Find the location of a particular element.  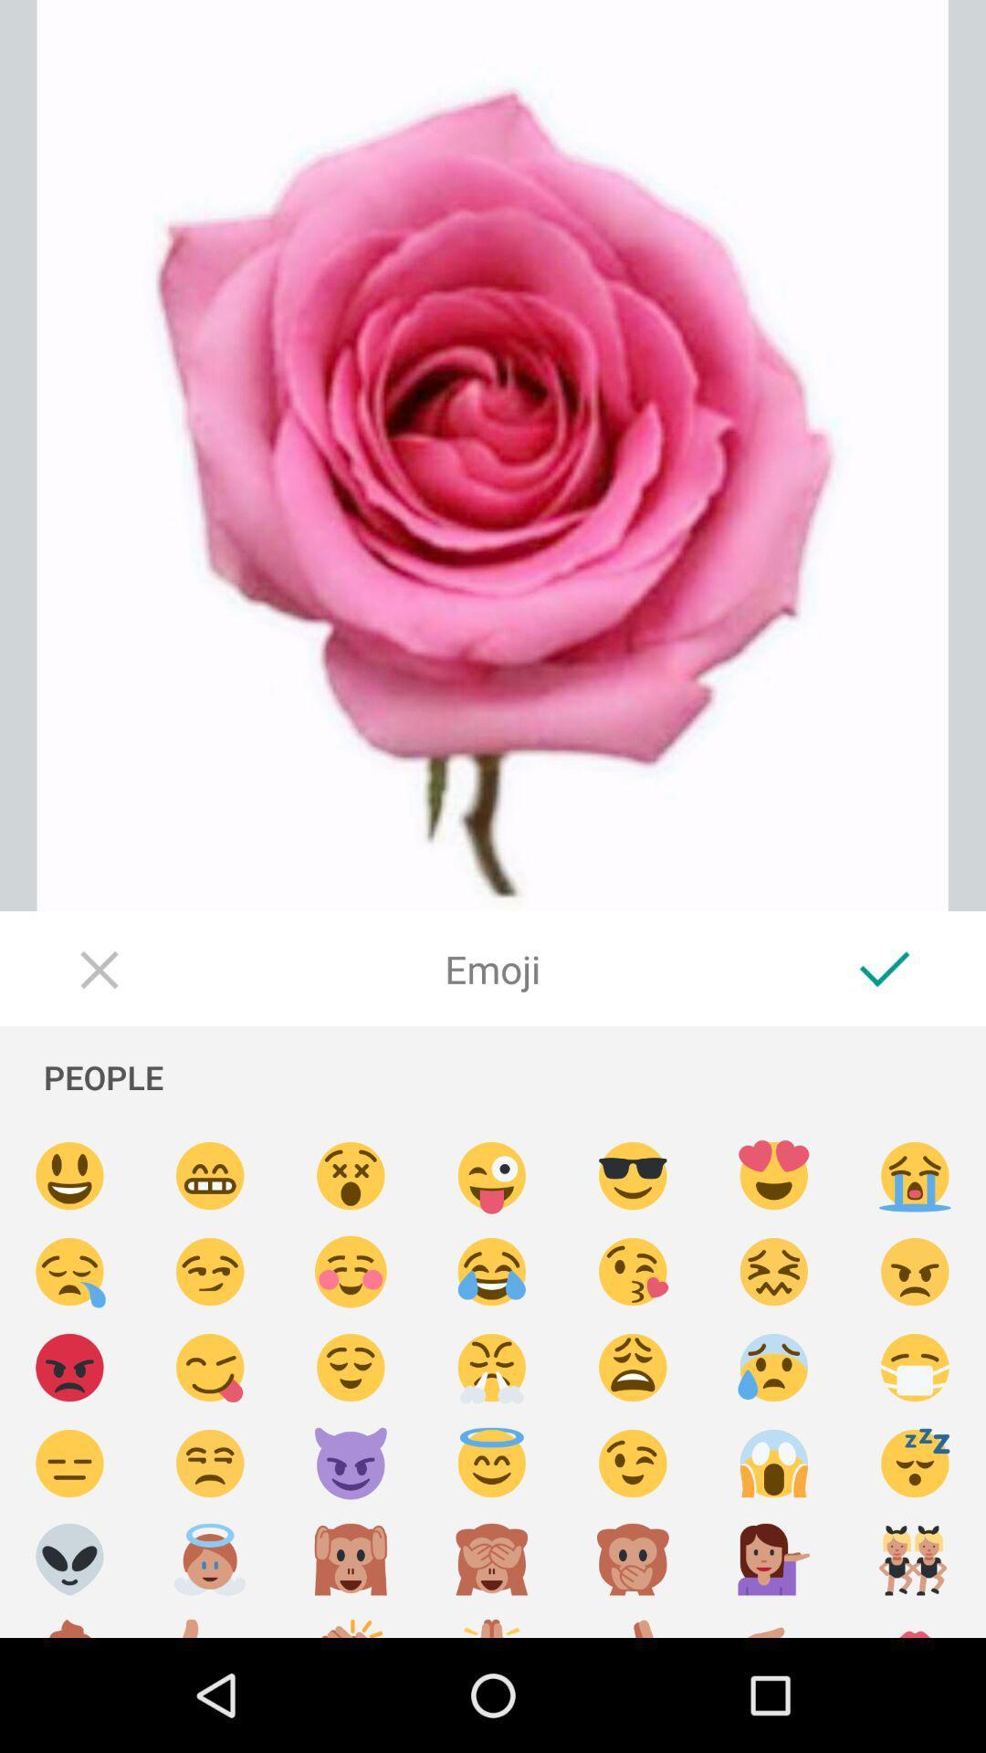

emoji is located at coordinates (491, 1559).